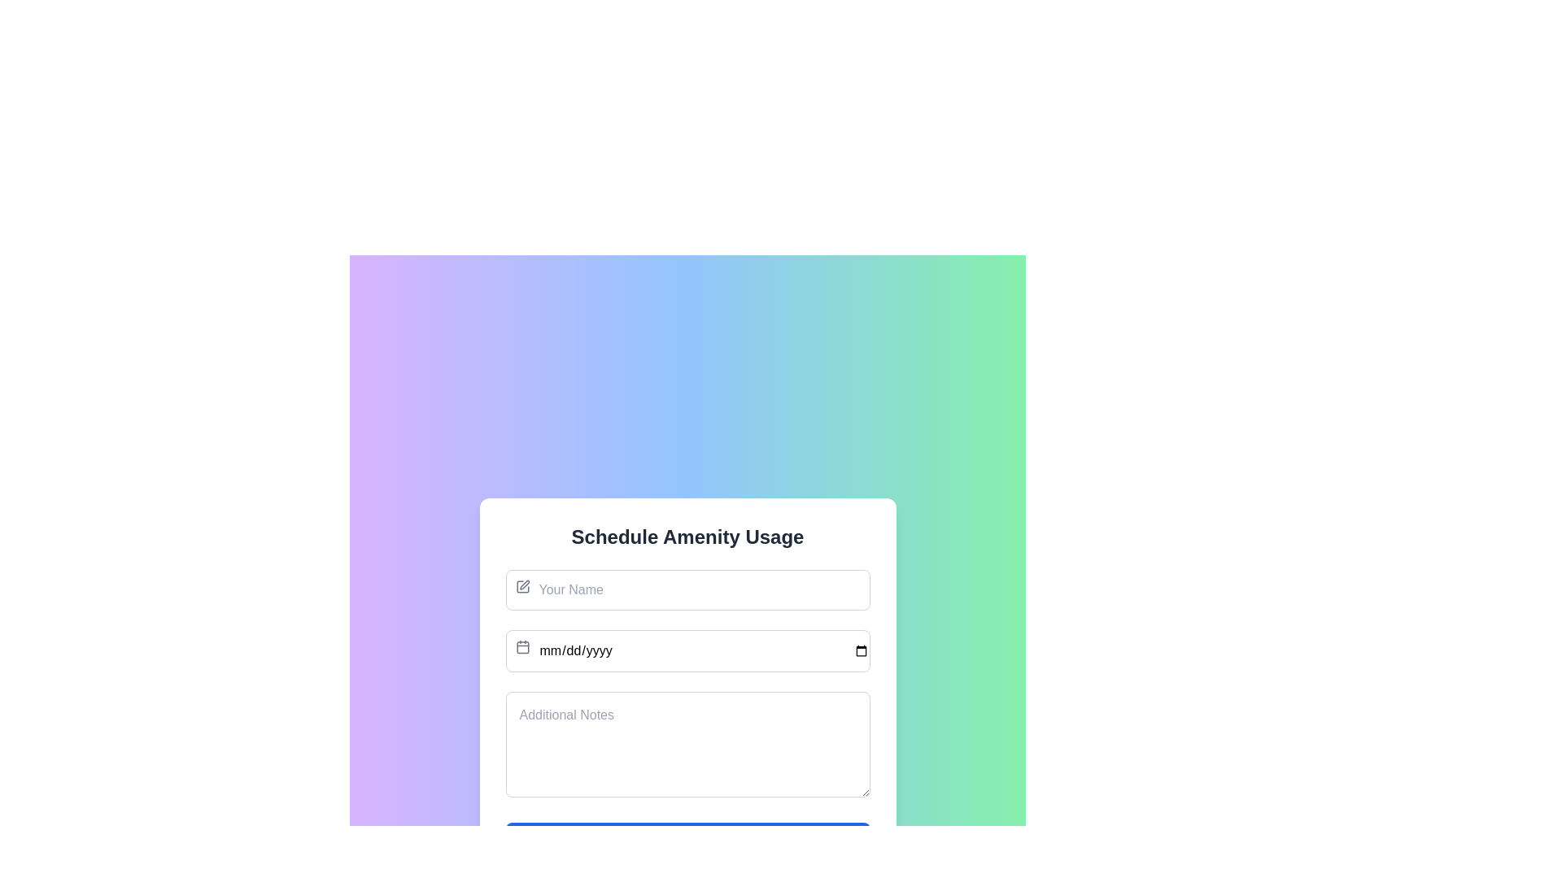  I want to click on the small square-shaped icon located at the top-left corner of the 'Your Name' input field, which has a transparent center and a themed border, so click(522, 586).